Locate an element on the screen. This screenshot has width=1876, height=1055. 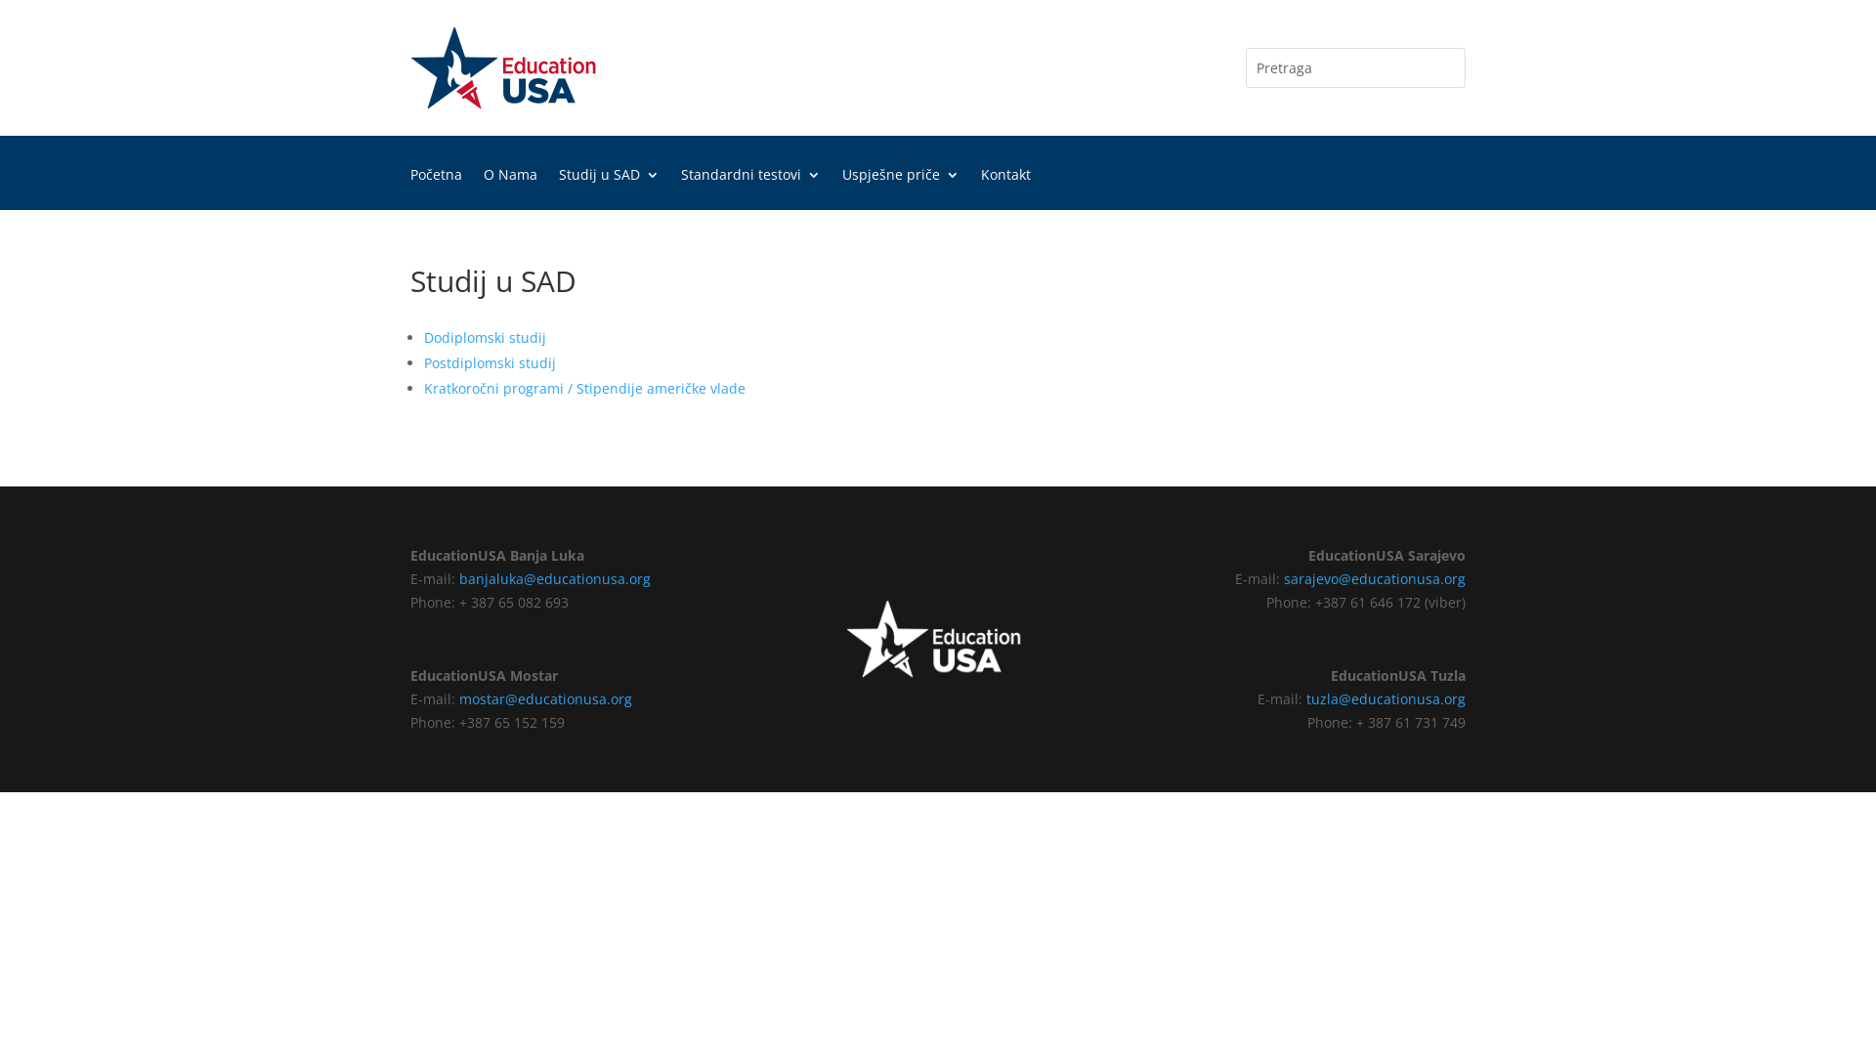
'Kontakt' is located at coordinates (1005, 189).